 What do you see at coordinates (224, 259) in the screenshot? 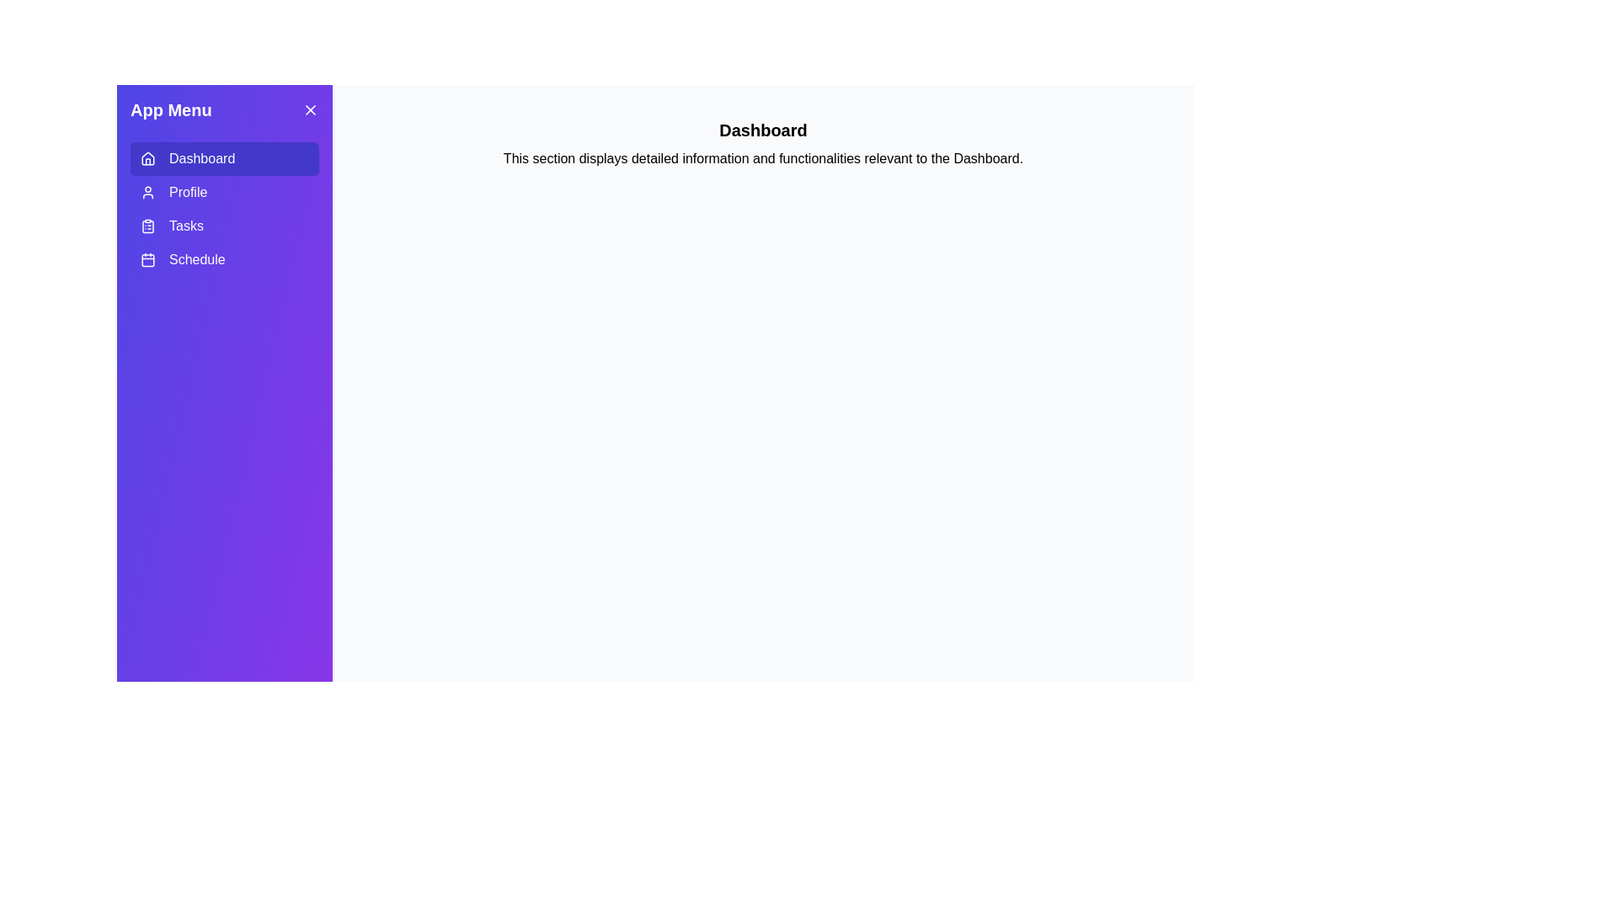
I see `the tab labeled Schedule to switch to that tab` at bounding box center [224, 259].